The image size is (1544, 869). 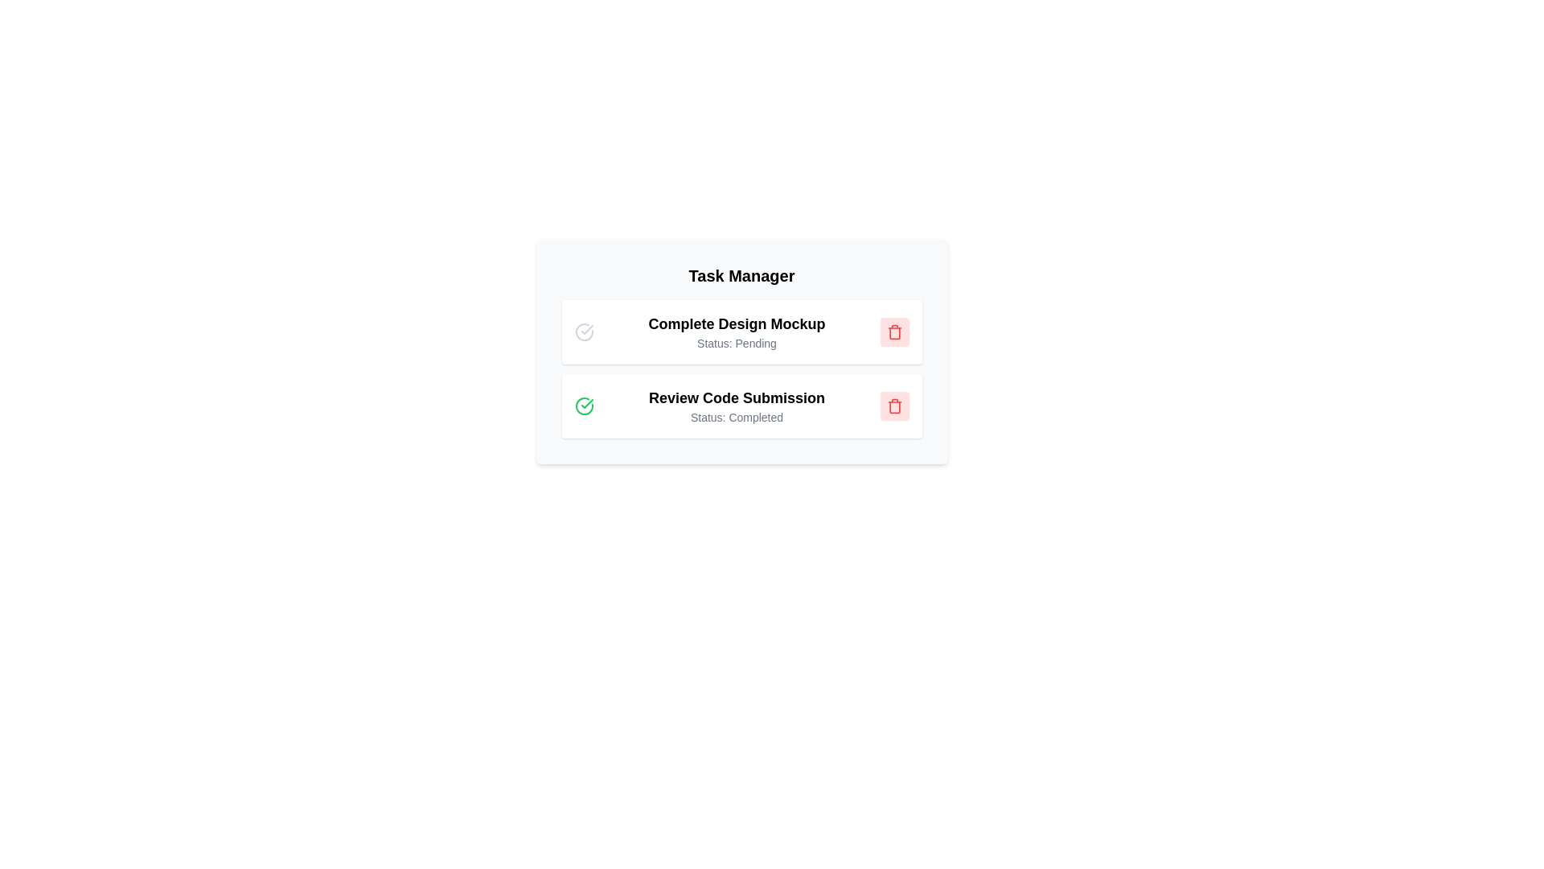 I want to click on delete button for the task titled 'Complete Design Mockup', so click(x=893, y=331).